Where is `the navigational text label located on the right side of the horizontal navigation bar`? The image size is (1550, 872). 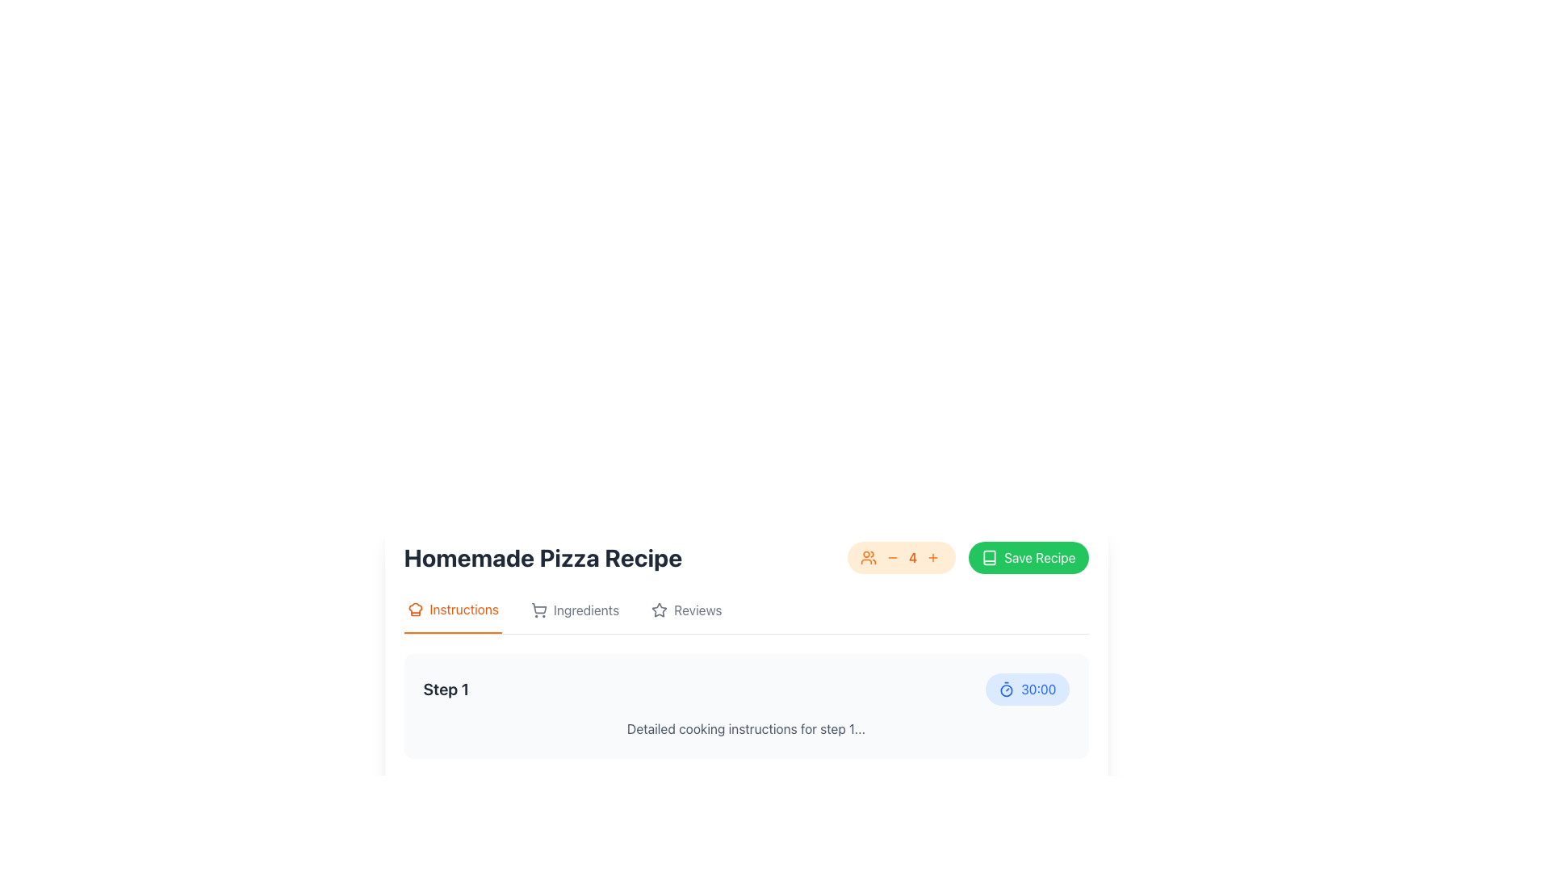
the navigational text label located on the right side of the horizontal navigation bar is located at coordinates (697, 610).